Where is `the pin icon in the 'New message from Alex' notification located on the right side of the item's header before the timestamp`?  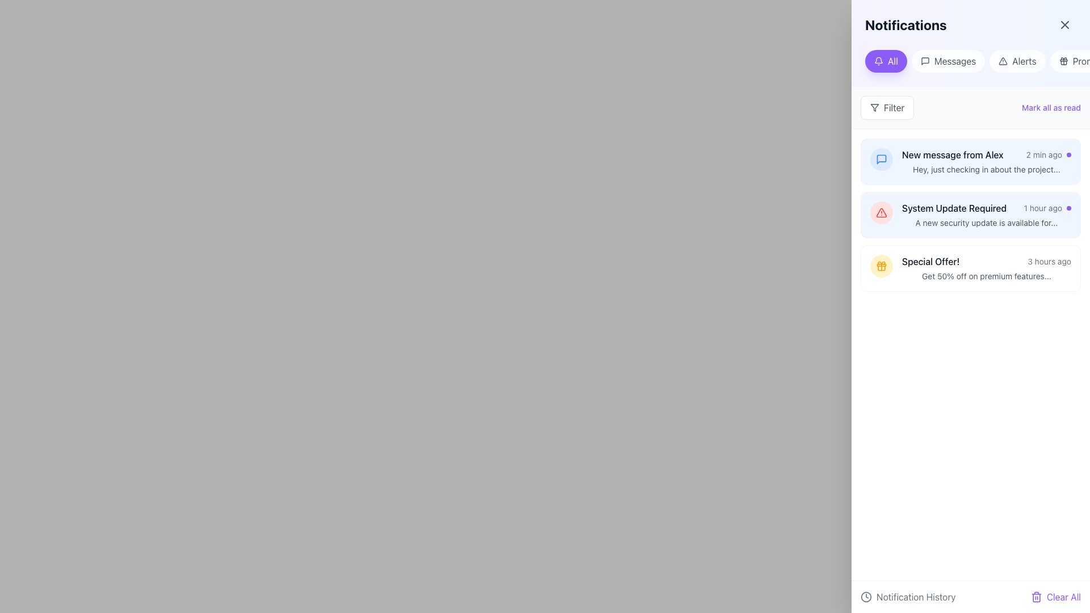 the pin icon in the 'New message from Alex' notification located on the right side of the item's header before the timestamp is located at coordinates (1039, 160).